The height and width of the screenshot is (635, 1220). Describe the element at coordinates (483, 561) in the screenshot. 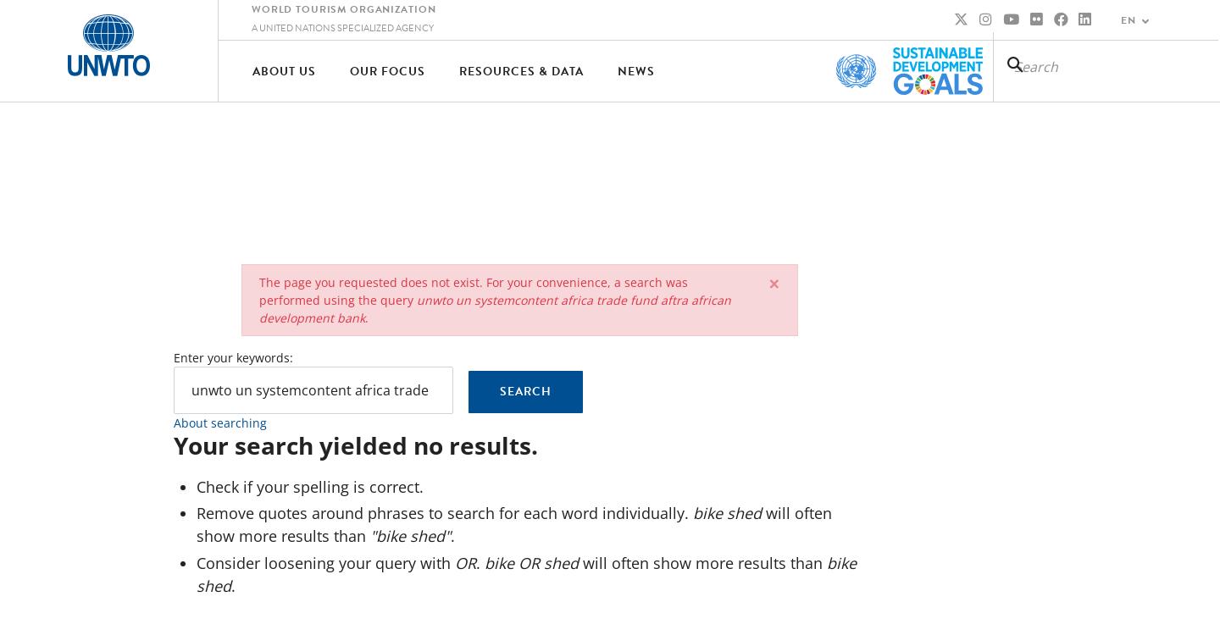

I see `'bike OR shed'` at that location.